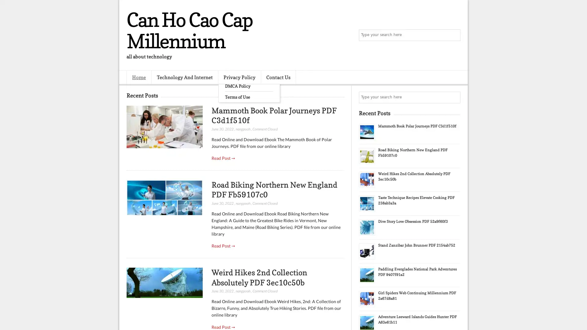 The image size is (587, 330). Describe the element at coordinates (454, 97) in the screenshot. I see `Search` at that location.